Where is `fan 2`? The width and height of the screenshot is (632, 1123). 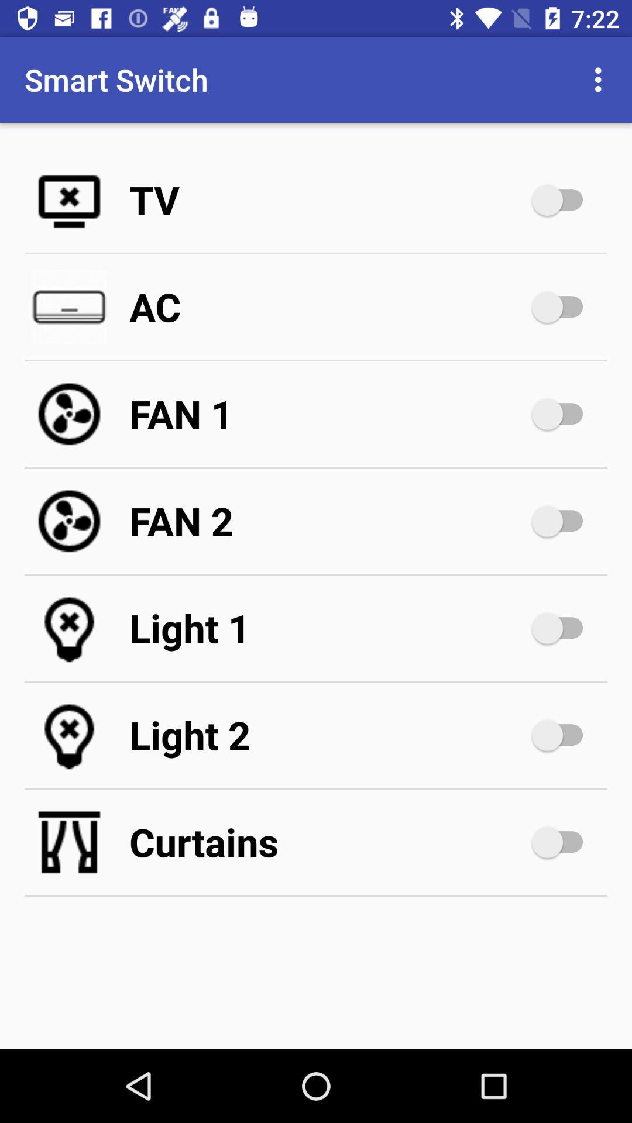 fan 2 is located at coordinates (562, 521).